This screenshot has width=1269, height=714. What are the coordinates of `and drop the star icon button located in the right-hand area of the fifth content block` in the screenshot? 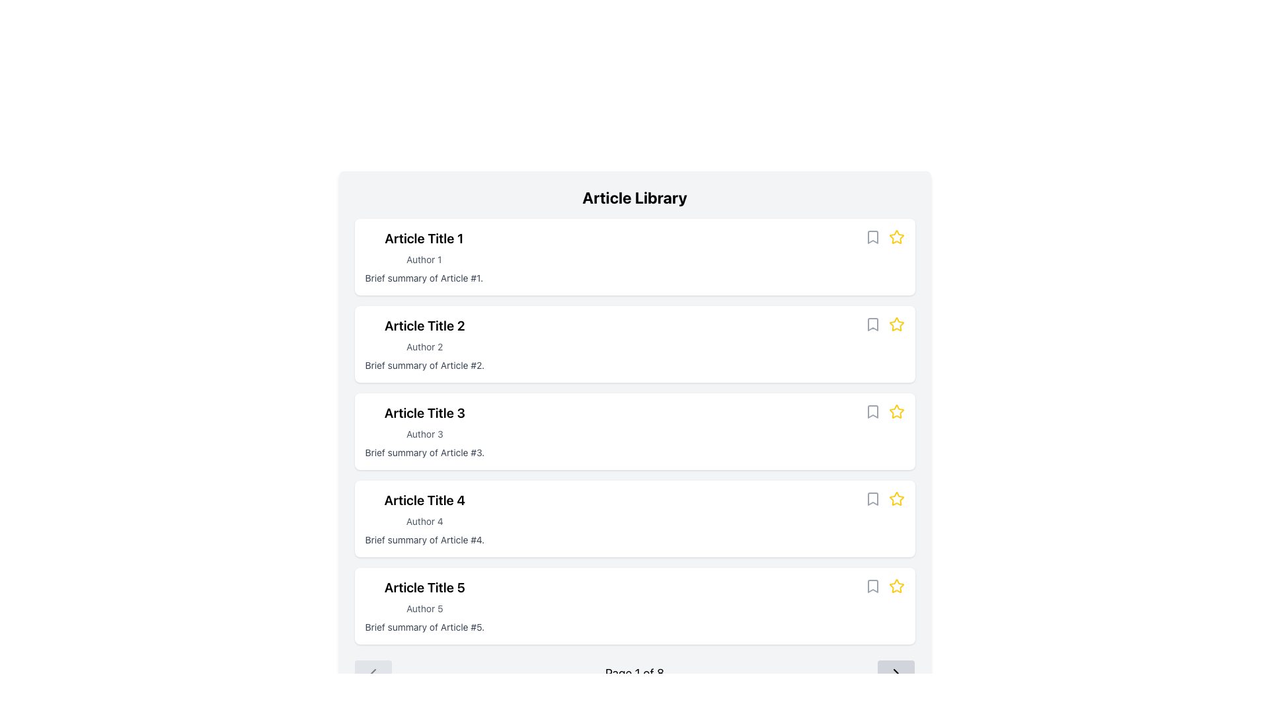 It's located at (896, 499).